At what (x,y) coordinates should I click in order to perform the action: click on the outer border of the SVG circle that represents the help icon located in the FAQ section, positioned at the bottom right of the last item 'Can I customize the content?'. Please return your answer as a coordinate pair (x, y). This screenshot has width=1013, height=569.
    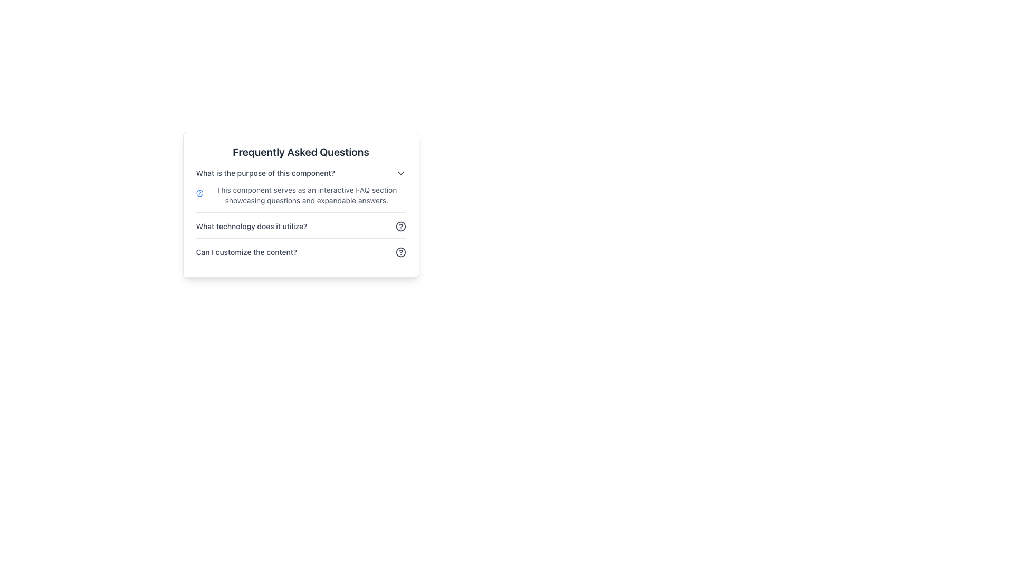
    Looking at the image, I should click on (400, 252).